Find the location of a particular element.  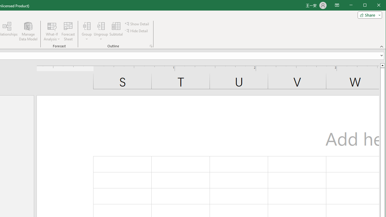

'Manage Data Model' is located at coordinates (28, 31).